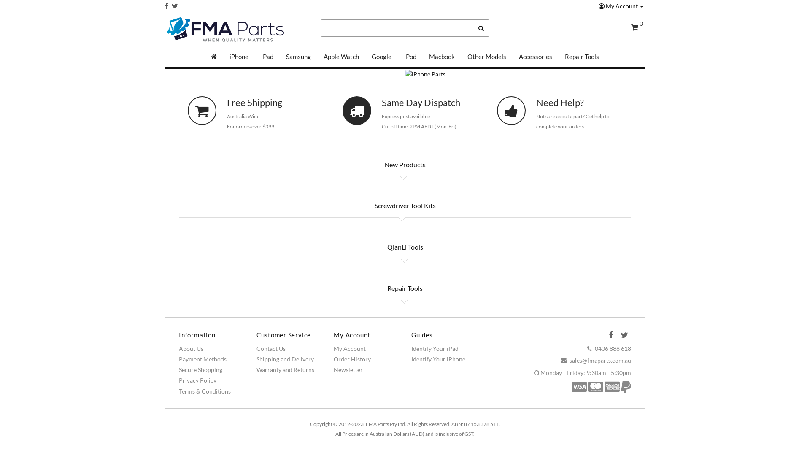 This screenshot has height=456, width=810. What do you see at coordinates (438, 359) in the screenshot?
I see `'Identify Your iPhone'` at bounding box center [438, 359].